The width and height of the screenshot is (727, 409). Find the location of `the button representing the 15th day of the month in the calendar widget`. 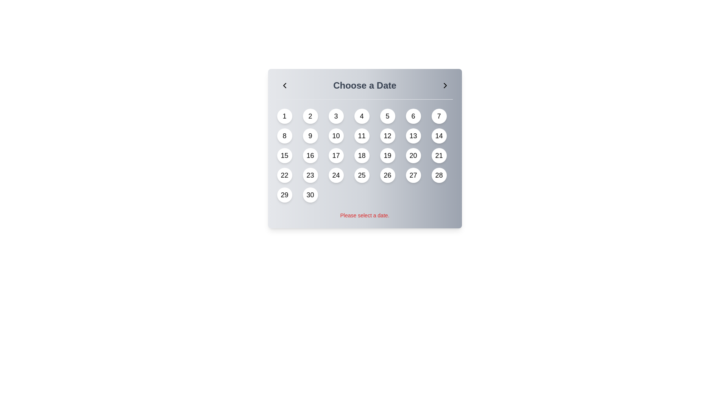

the button representing the 15th day of the month in the calendar widget is located at coordinates (284, 155).